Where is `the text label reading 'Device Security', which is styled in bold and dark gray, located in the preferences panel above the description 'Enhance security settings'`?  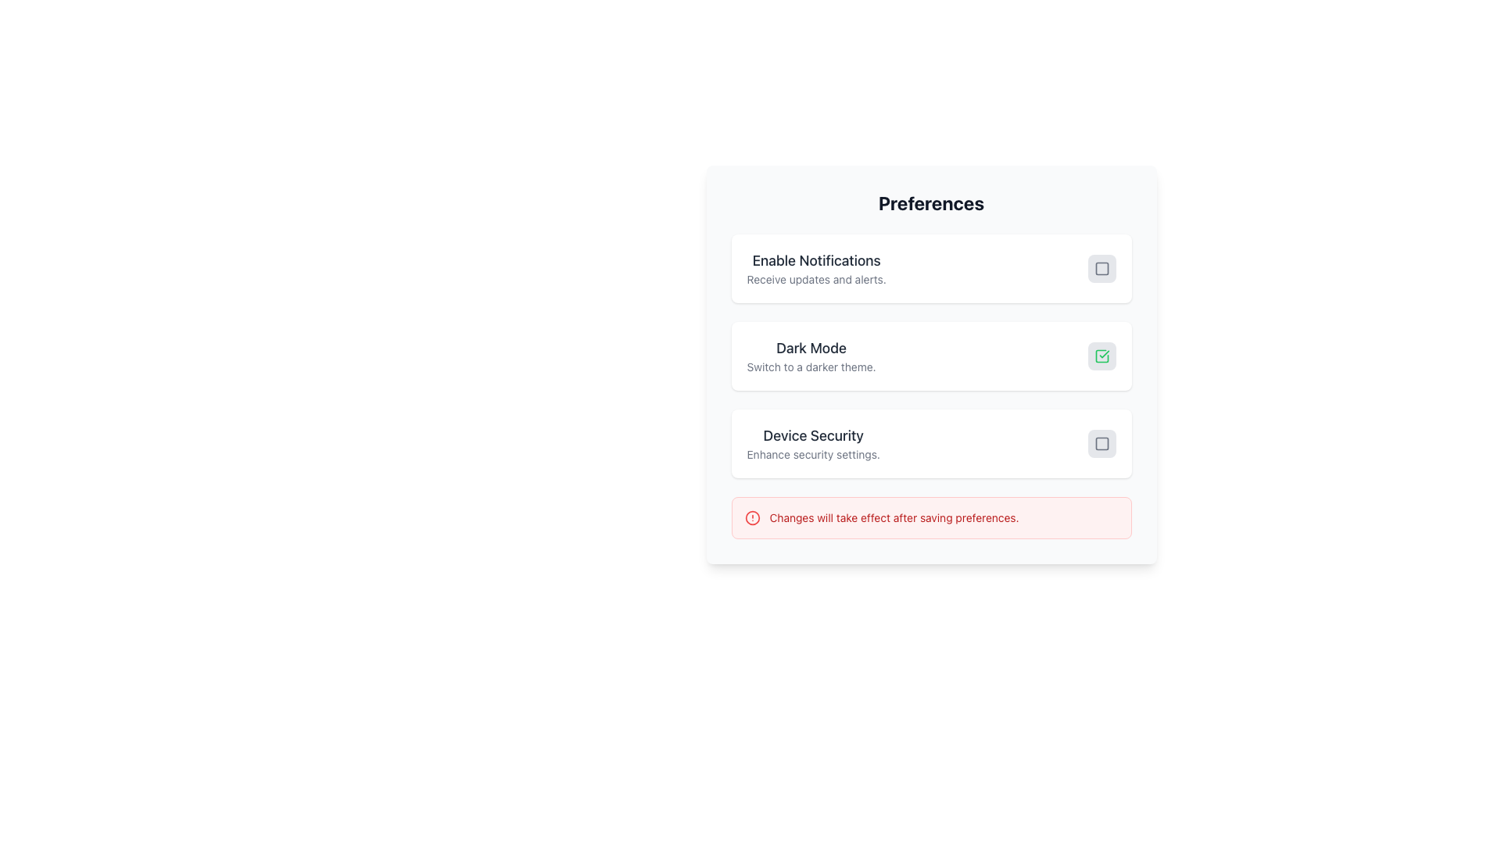
the text label reading 'Device Security', which is styled in bold and dark gray, located in the preferences panel above the description 'Enhance security settings' is located at coordinates (813, 436).